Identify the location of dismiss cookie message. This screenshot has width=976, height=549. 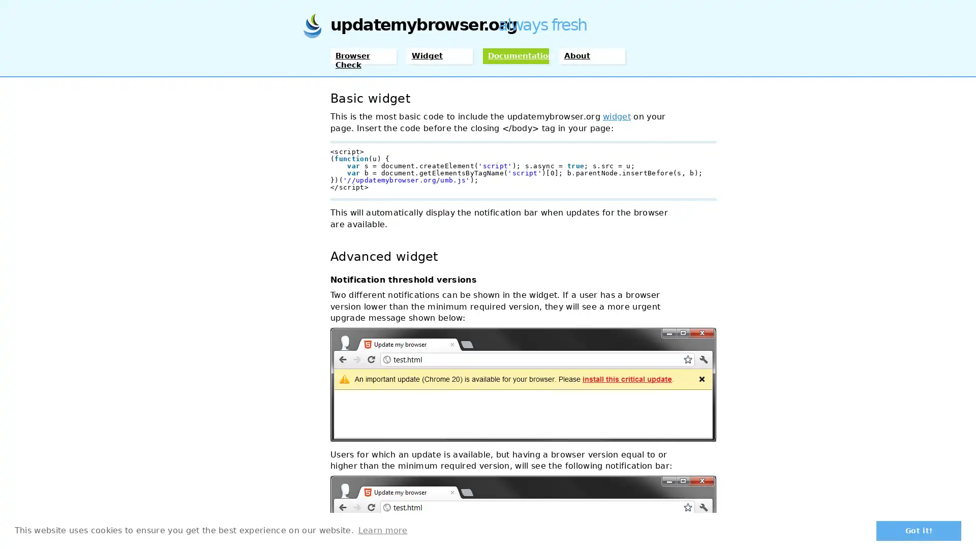
(919, 530).